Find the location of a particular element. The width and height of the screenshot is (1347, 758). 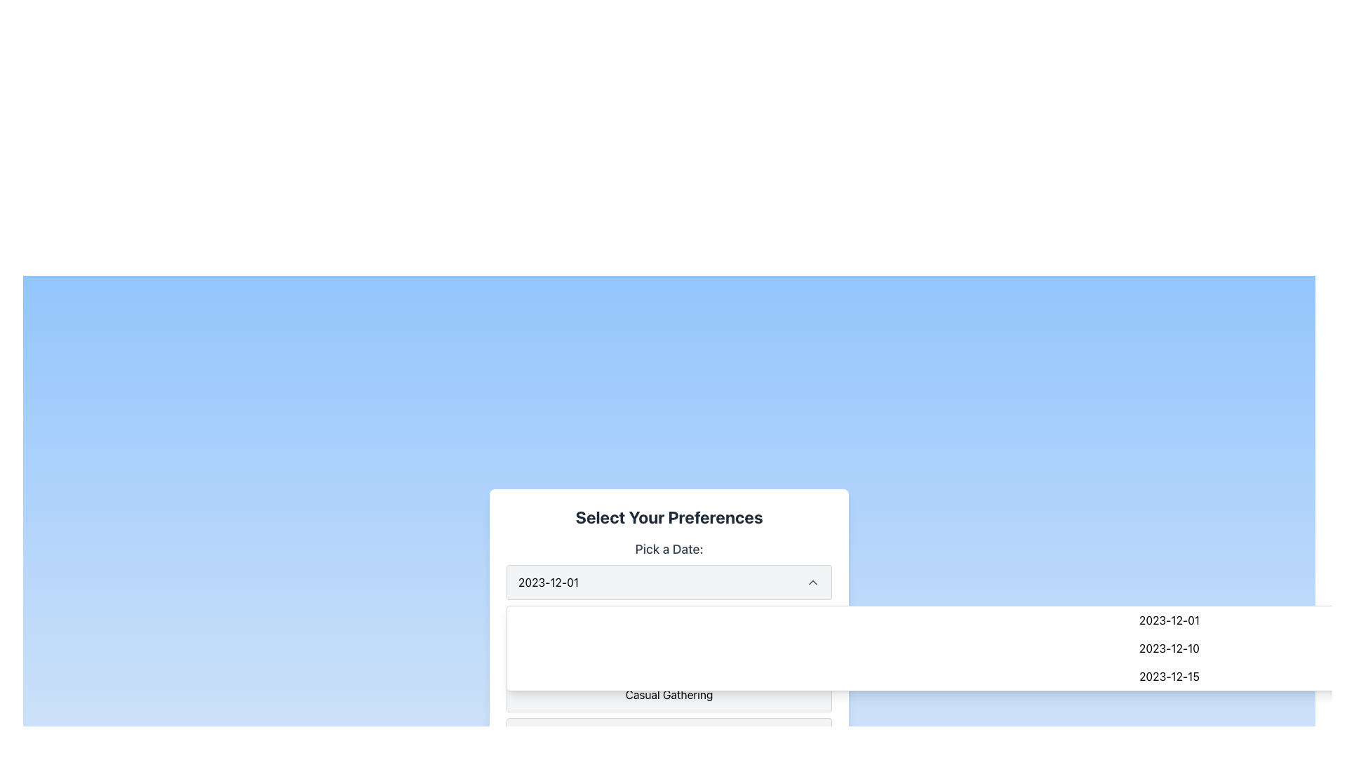

the dropdown menu labeled '2023-12-01' is located at coordinates (669, 582).